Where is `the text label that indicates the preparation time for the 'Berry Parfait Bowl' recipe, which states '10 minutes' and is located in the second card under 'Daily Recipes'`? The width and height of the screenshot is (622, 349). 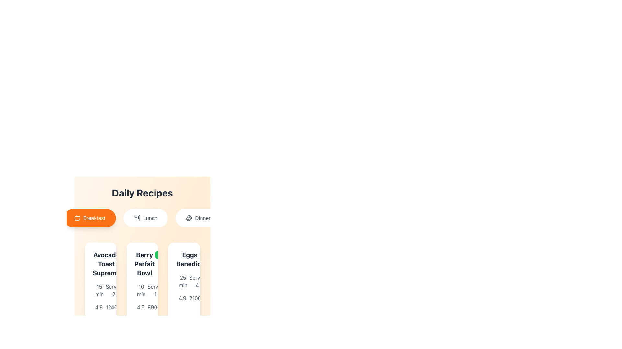 the text label that indicates the preparation time for the 'Berry Parfait Bowl' recipe, which states '10 minutes' and is located in the second card under 'Daily Recipes' is located at coordinates (141, 290).